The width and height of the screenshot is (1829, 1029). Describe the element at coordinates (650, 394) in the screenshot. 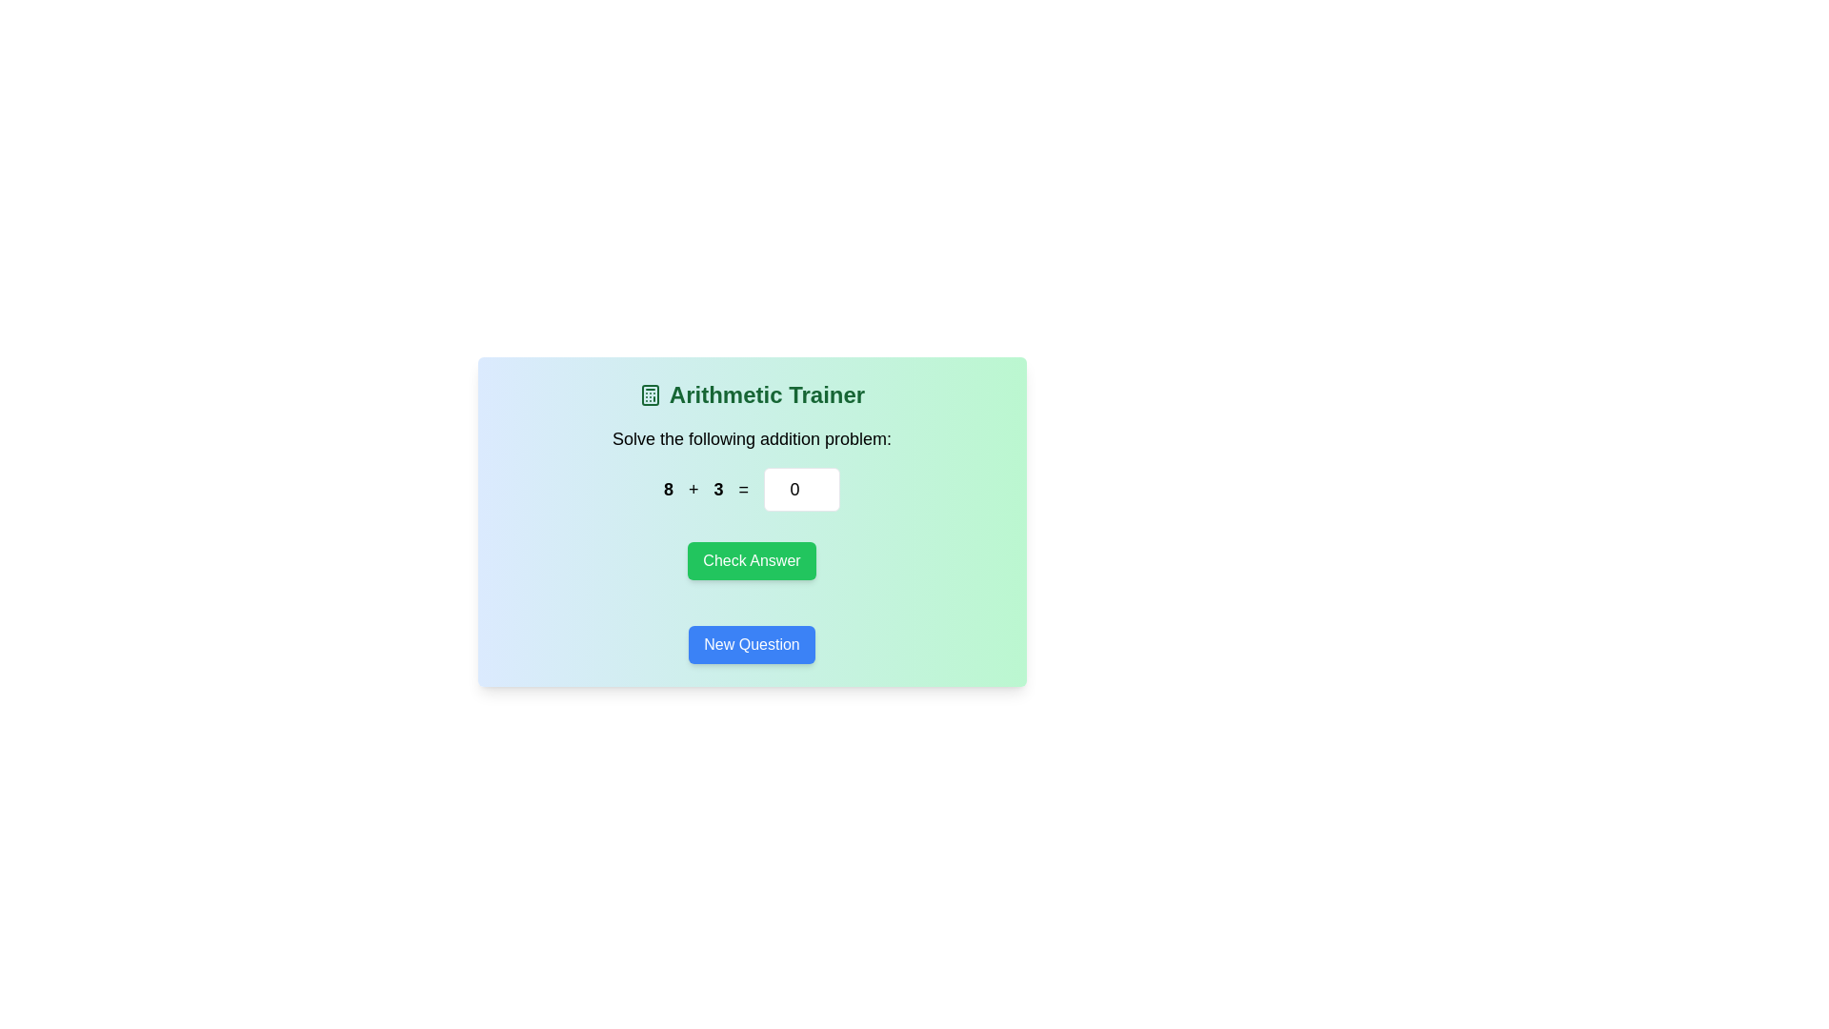

I see `the rectangular SVG element within the calculator icon located in the top-left region of the interface card, adjacent to the title text 'Arithmetic Trainer'` at that location.